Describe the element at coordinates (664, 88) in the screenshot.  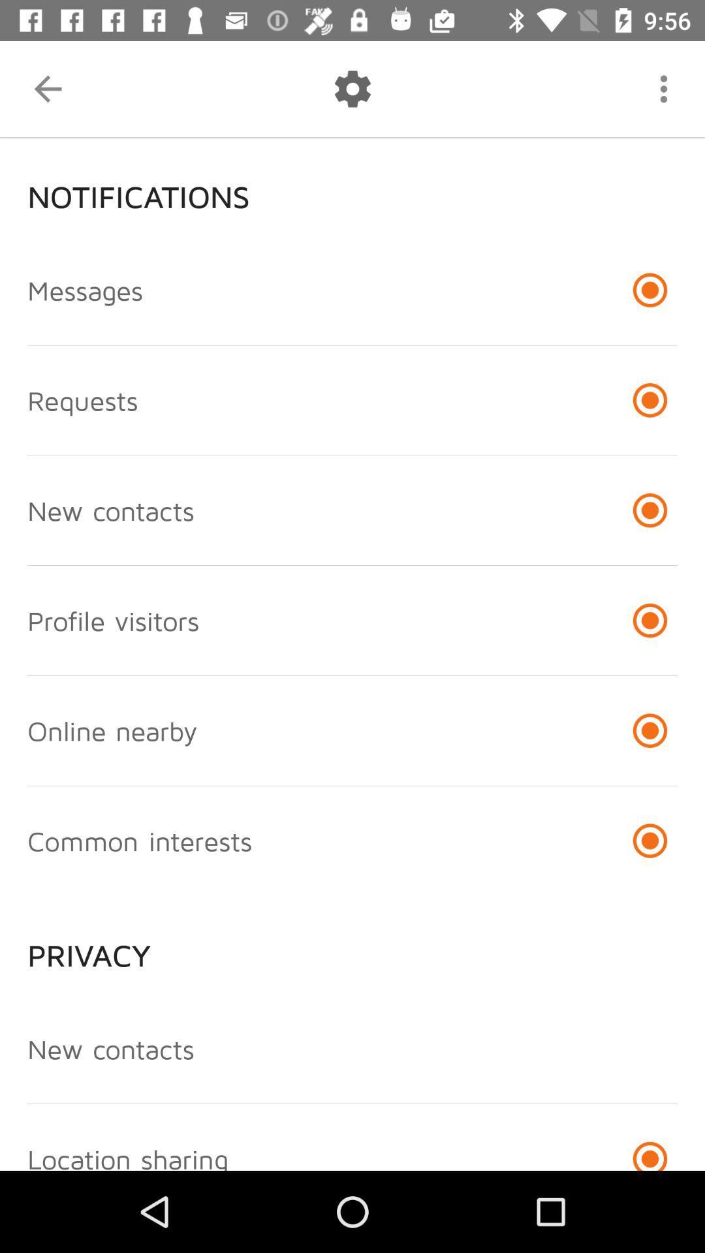
I see `the icon above notifications item` at that location.